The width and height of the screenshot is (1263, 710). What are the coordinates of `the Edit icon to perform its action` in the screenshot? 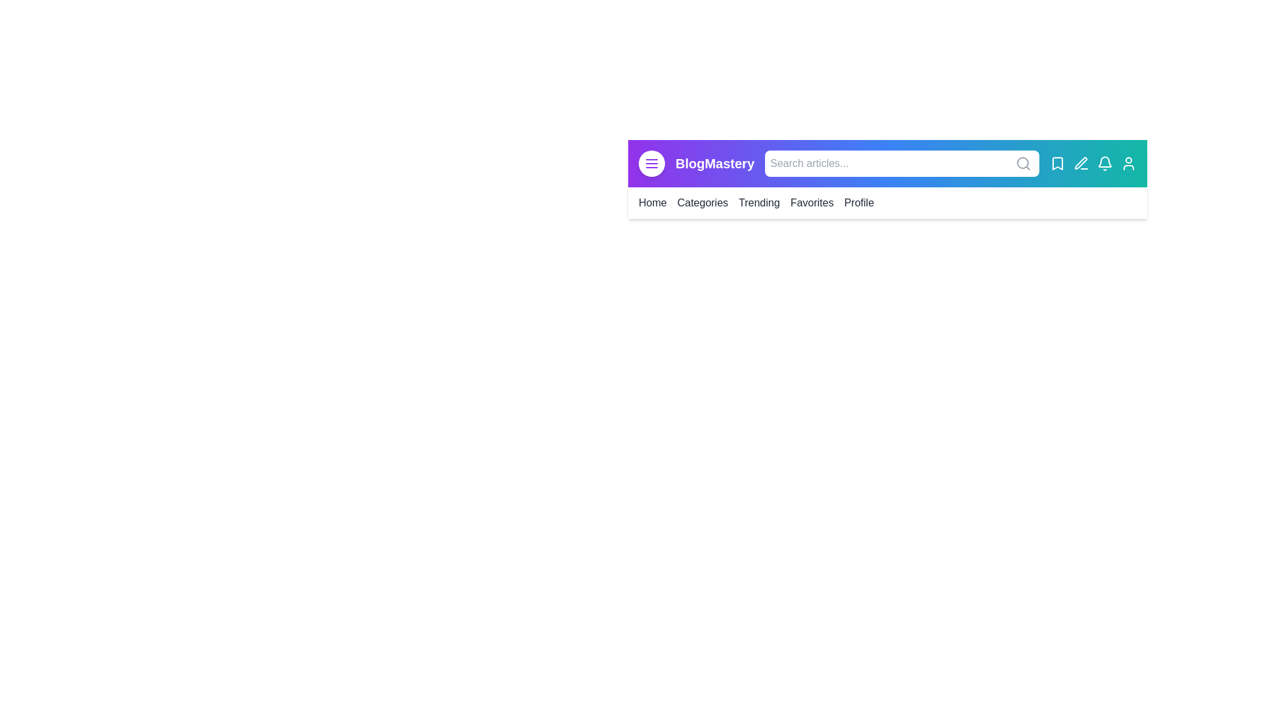 It's located at (1081, 163).